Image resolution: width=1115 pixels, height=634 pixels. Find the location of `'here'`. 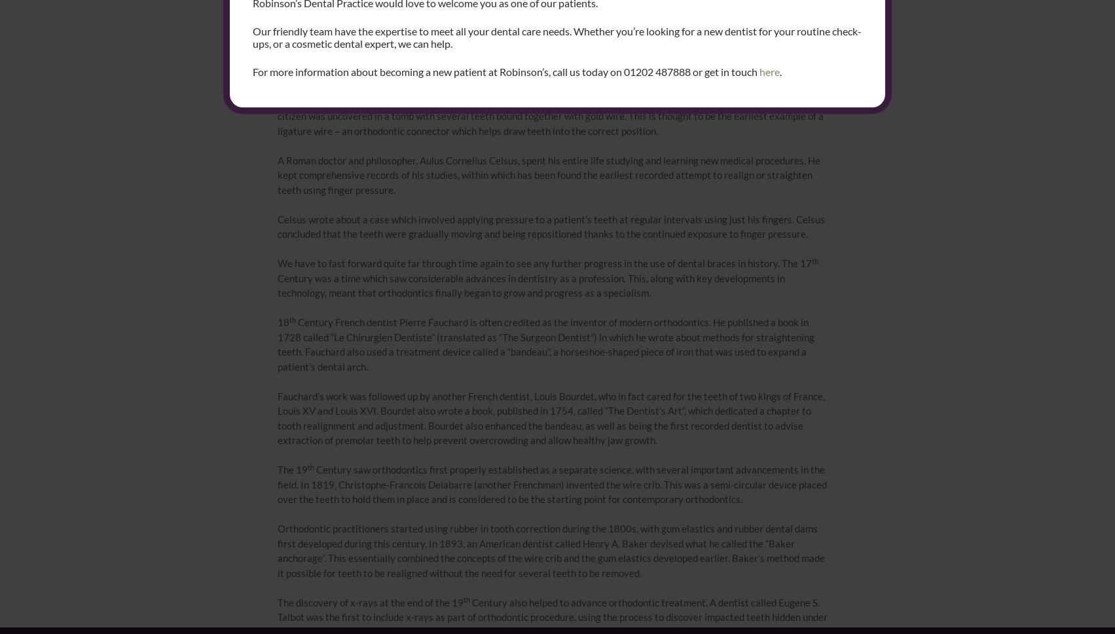

'here' is located at coordinates (769, 71).